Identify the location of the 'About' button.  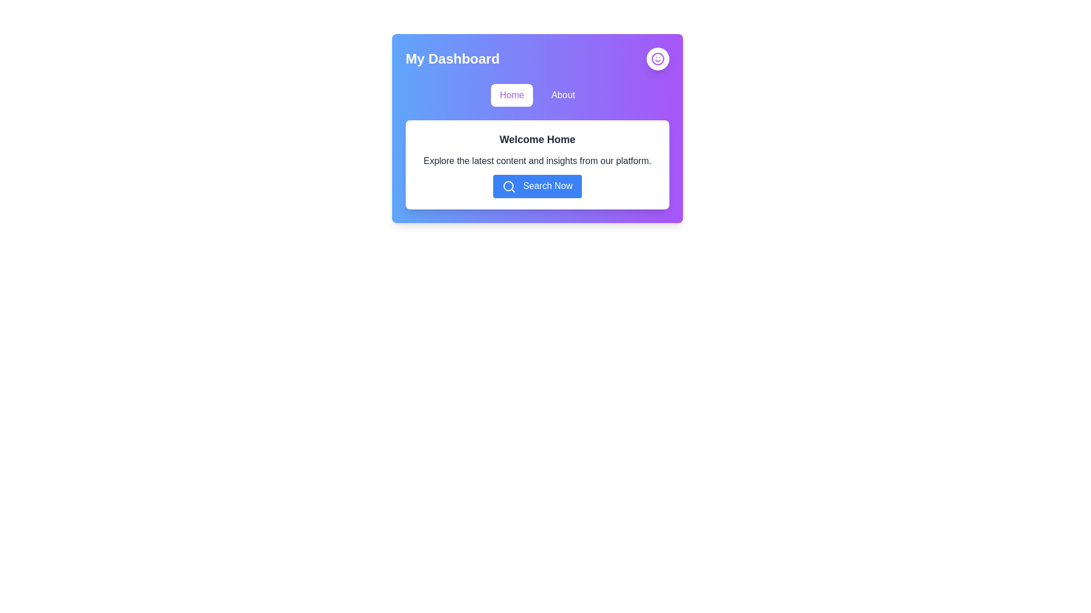
(563, 95).